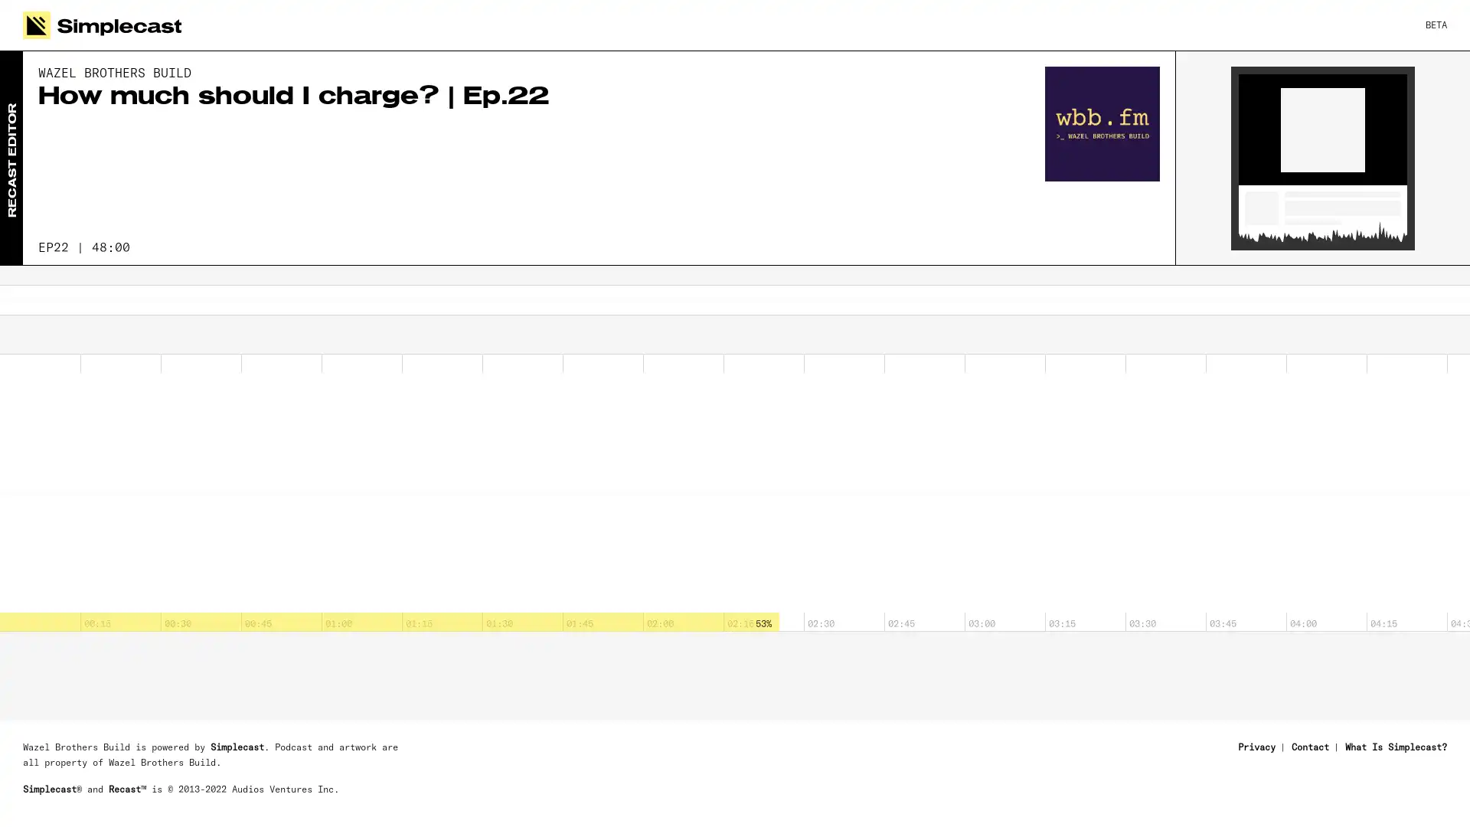 The height and width of the screenshot is (827, 1470). I want to click on Recast & Share, so click(1371, 793).